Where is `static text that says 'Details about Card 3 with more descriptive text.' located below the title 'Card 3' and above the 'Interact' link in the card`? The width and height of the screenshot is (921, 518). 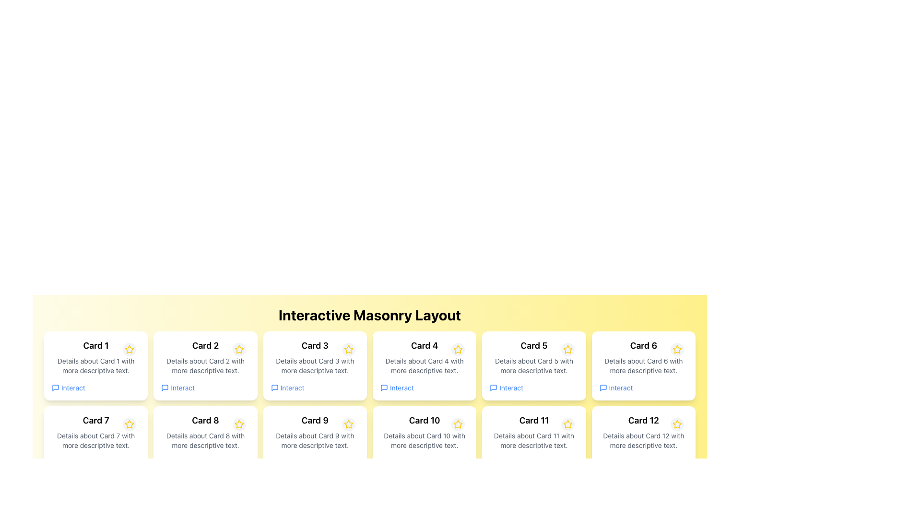
static text that says 'Details about Card 3 with more descriptive text.' located below the title 'Card 3' and above the 'Interact' link in the card is located at coordinates (315, 366).